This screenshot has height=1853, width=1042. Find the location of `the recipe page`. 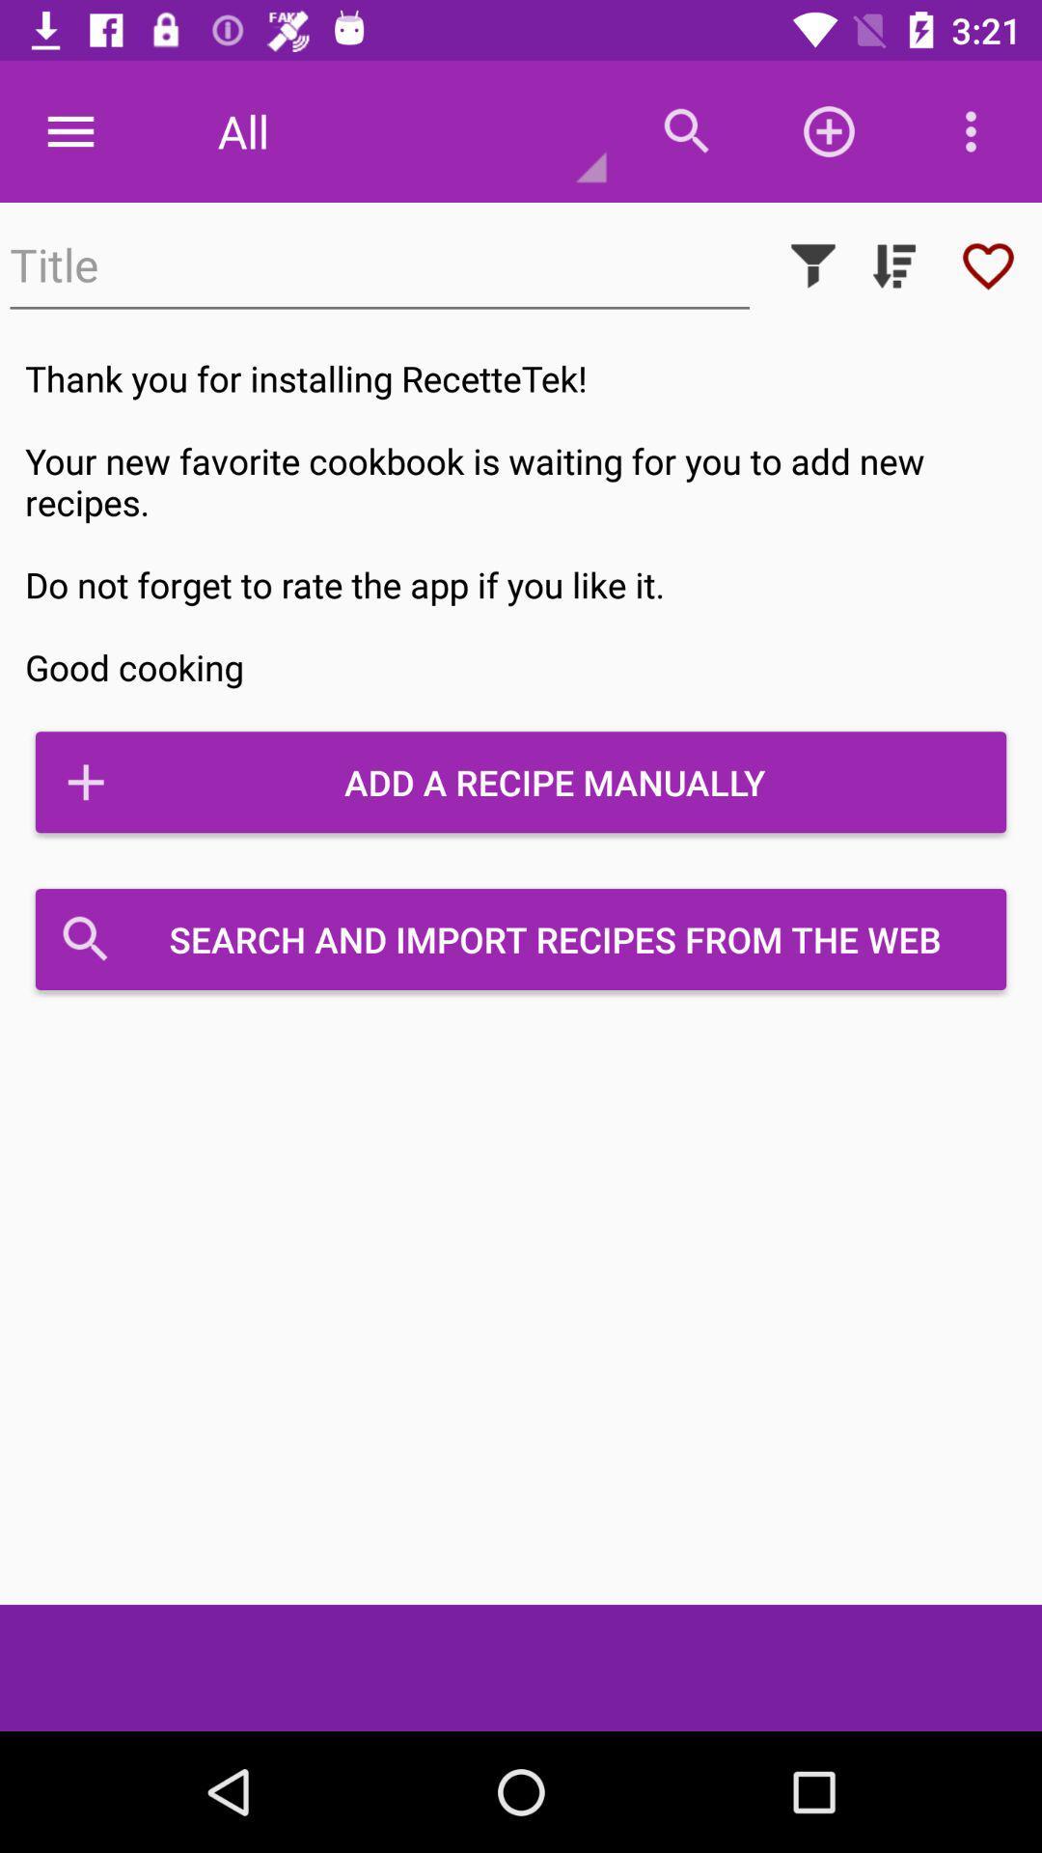

the recipe page is located at coordinates (988, 264).